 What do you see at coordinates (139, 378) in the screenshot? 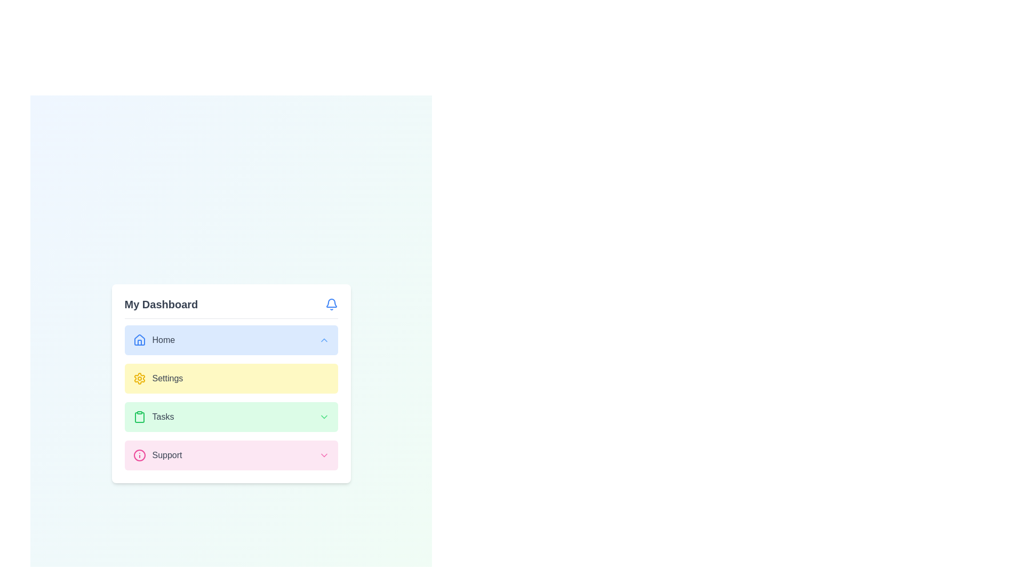
I see `the yellow gear icon representing settings in the dashboard interface` at bounding box center [139, 378].